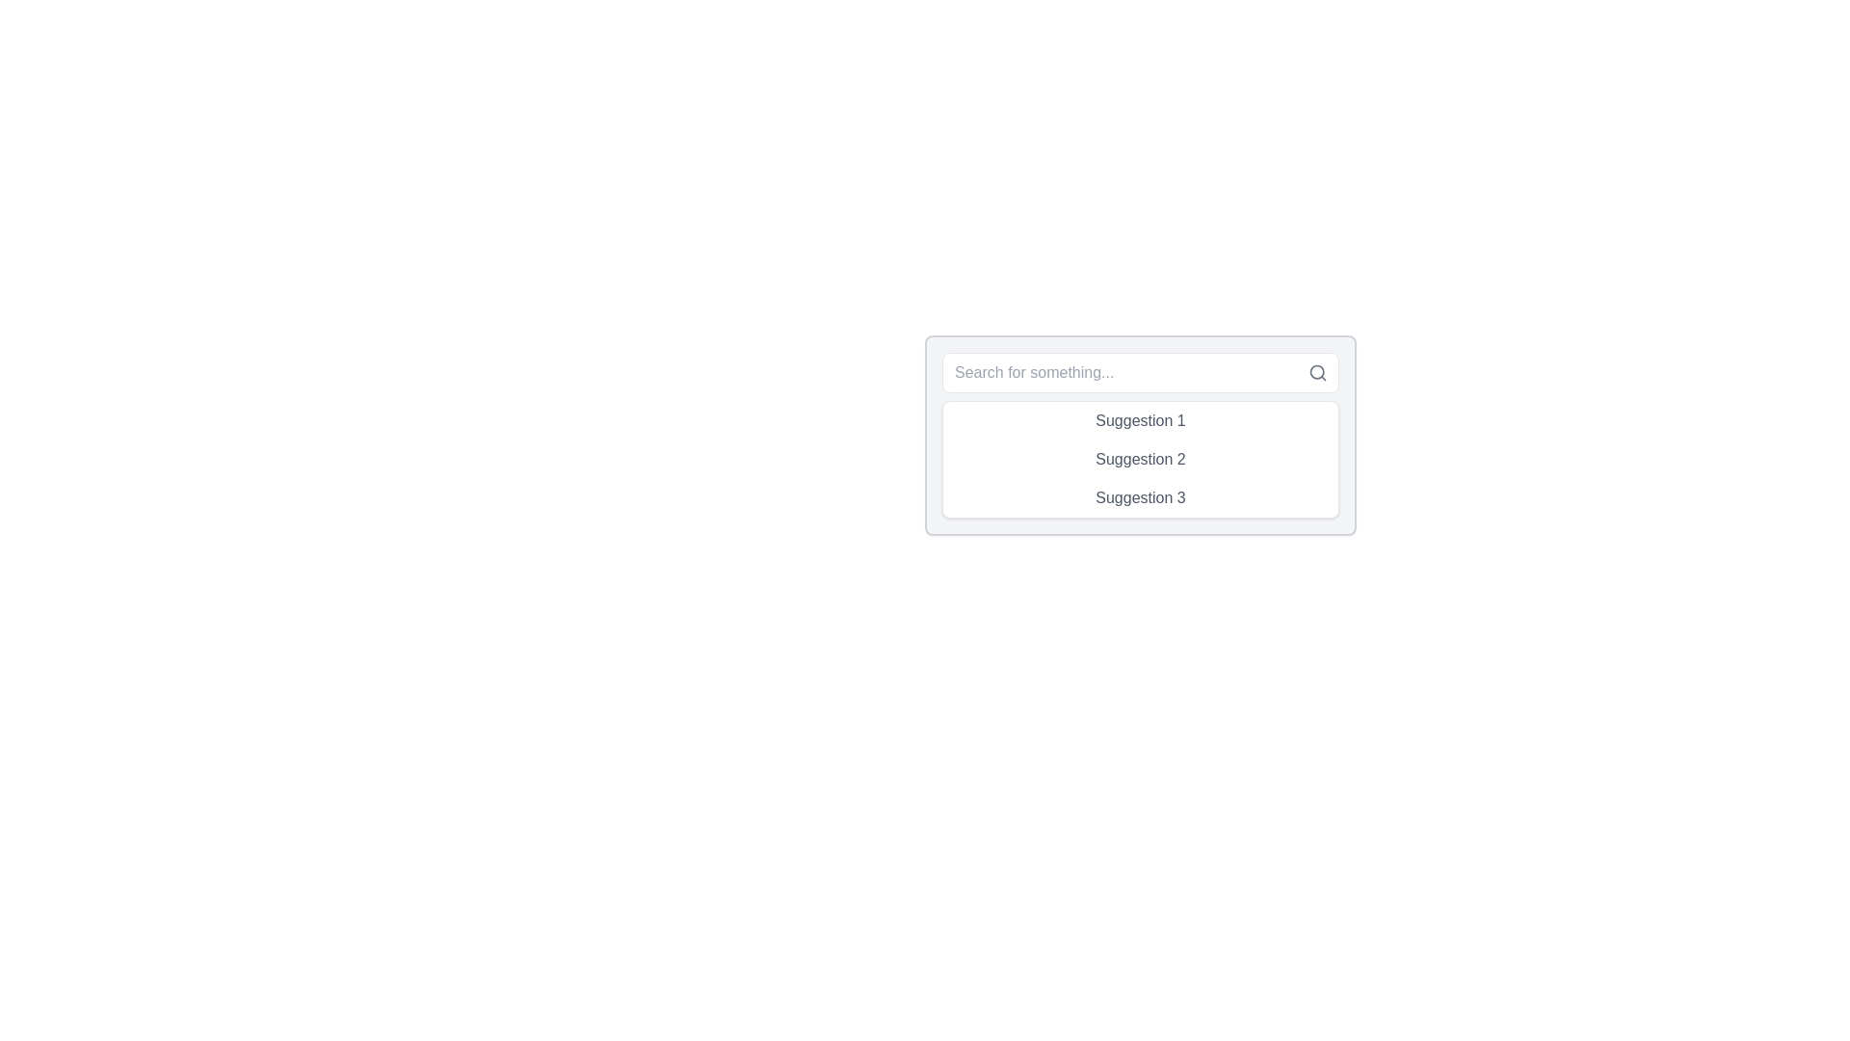 The width and height of the screenshot is (1850, 1041). What do you see at coordinates (1141, 460) in the screenshot?
I see `the list of suggestions displayed below the search input field` at bounding box center [1141, 460].